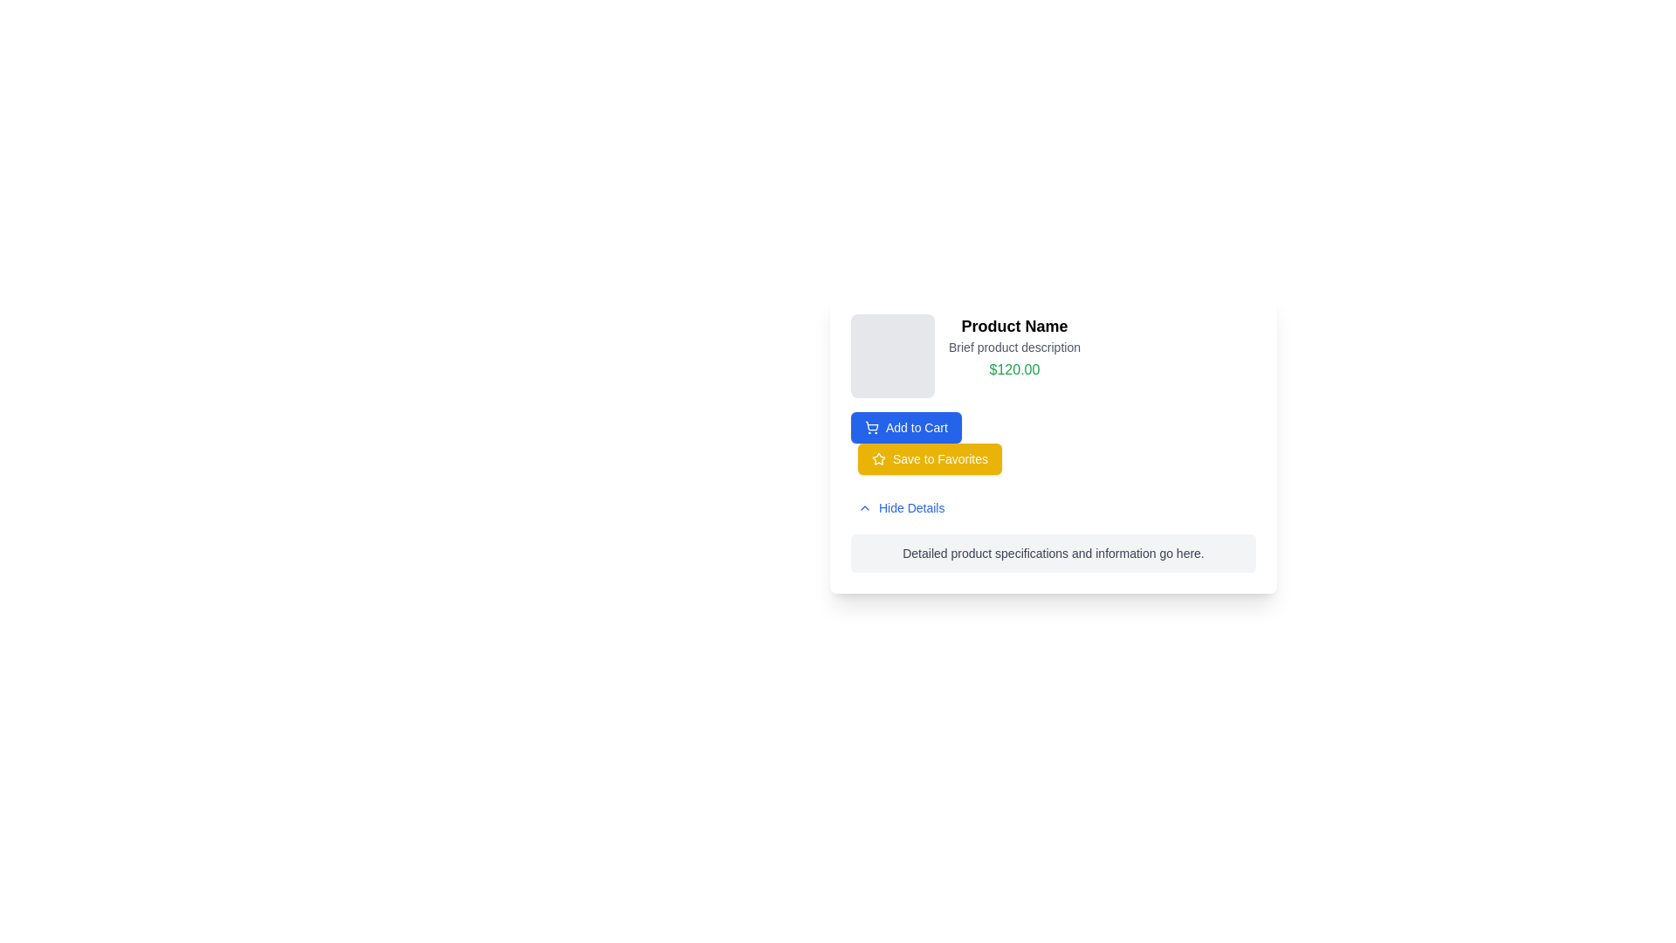 The width and height of the screenshot is (1676, 943). I want to click on the Informative Text Section that contains the text 'Detailed product specifications and information go here.' with a gray background and rounded corners, so click(1052, 553).